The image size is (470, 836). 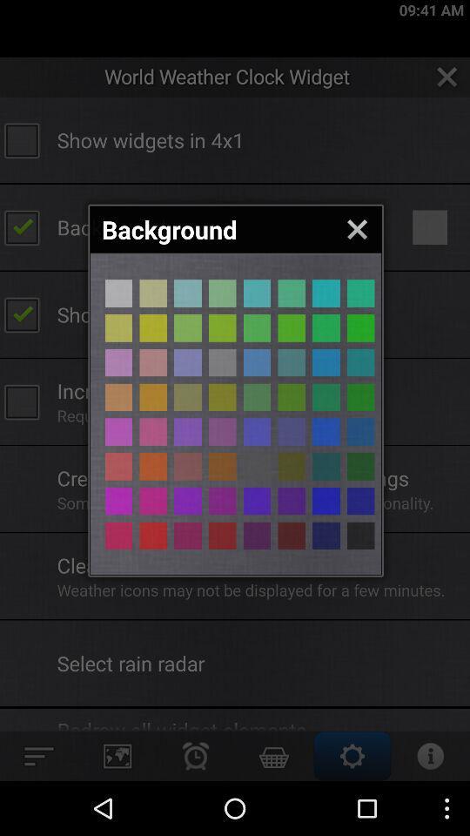 What do you see at coordinates (359, 361) in the screenshot?
I see `background color` at bounding box center [359, 361].